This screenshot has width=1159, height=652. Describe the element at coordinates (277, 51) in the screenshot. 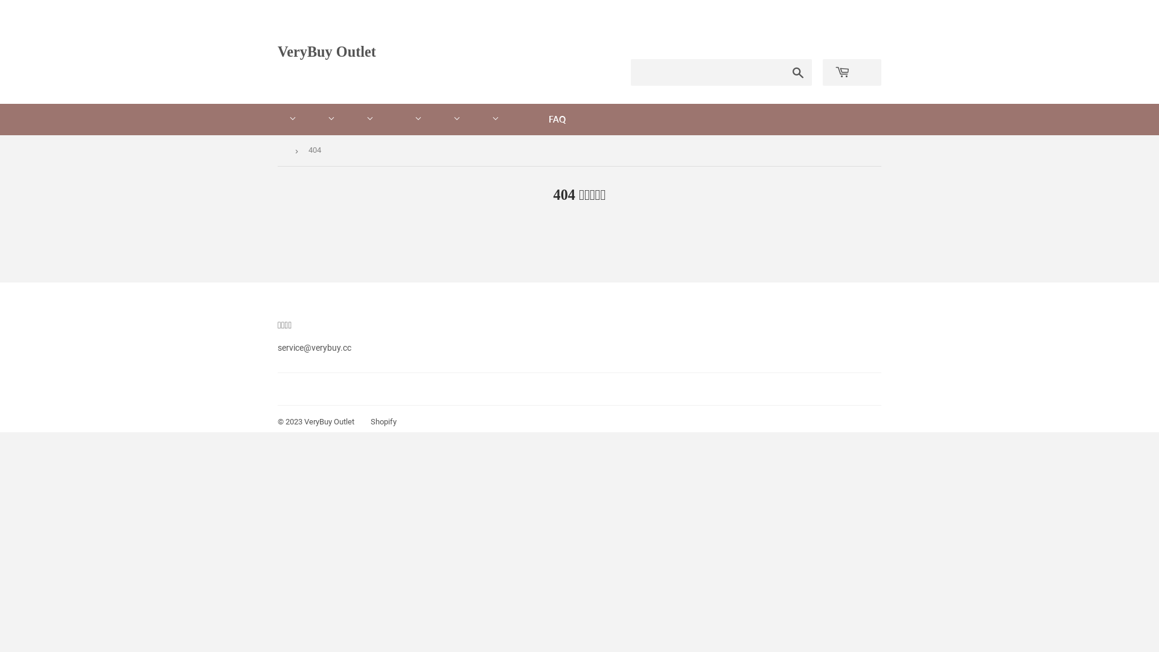

I see `'VeryBuy Outlet'` at that location.